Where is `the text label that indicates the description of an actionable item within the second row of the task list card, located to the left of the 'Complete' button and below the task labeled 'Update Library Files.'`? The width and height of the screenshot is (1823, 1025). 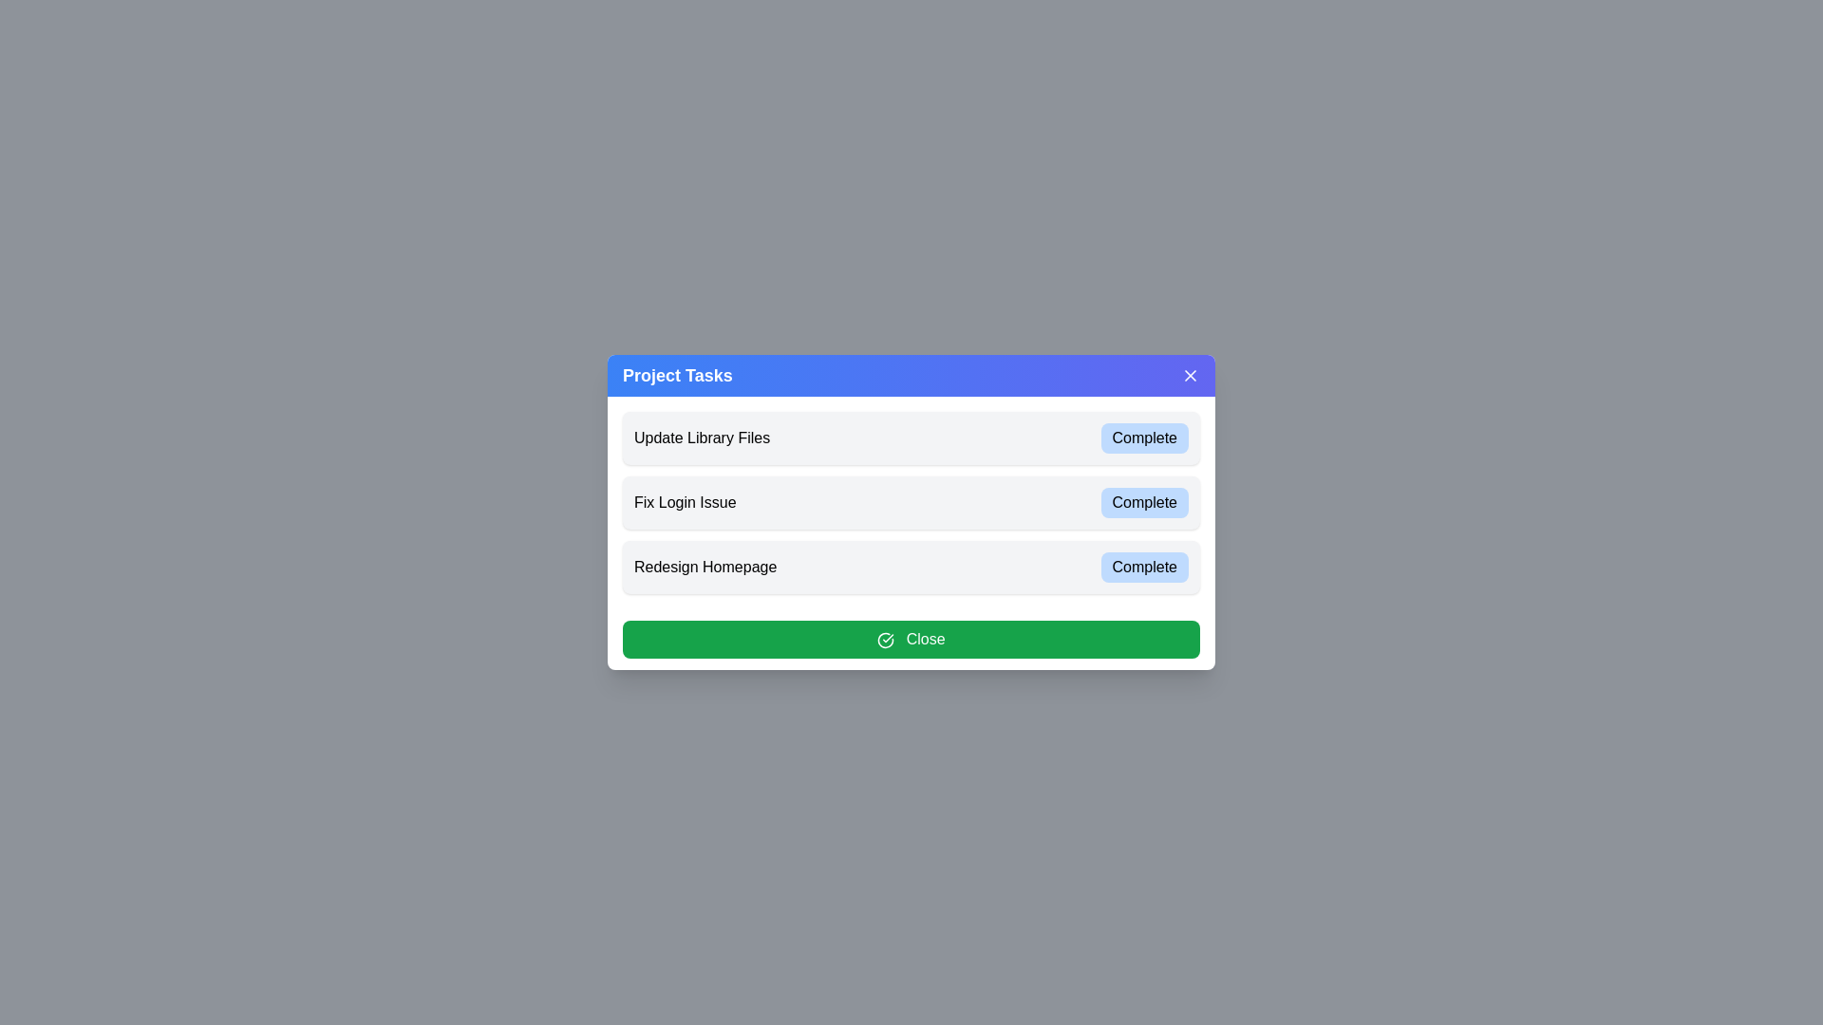
the text label that indicates the description of an actionable item within the second row of the task list card, located to the left of the 'Complete' button and below the task labeled 'Update Library Files.' is located at coordinates (684, 501).